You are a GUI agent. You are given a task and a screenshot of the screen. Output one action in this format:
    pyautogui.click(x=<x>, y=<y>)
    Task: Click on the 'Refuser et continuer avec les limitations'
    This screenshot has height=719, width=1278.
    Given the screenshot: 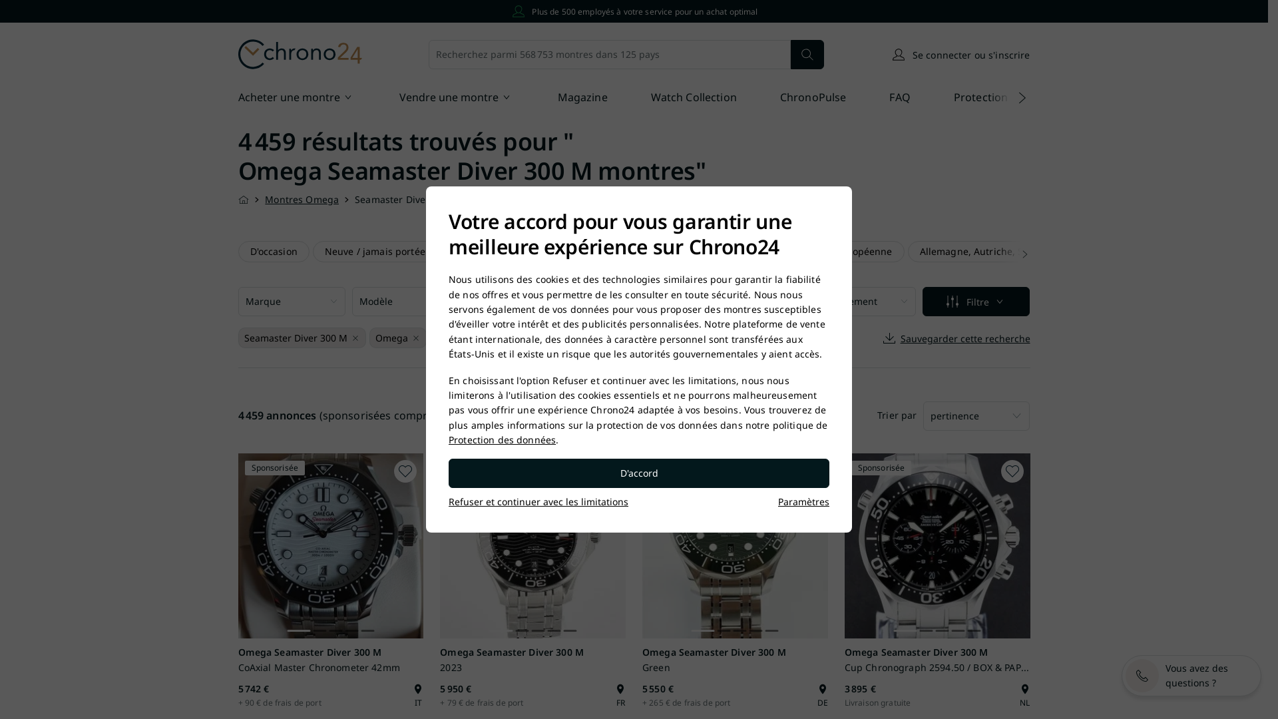 What is the action you would take?
    pyautogui.click(x=538, y=501)
    